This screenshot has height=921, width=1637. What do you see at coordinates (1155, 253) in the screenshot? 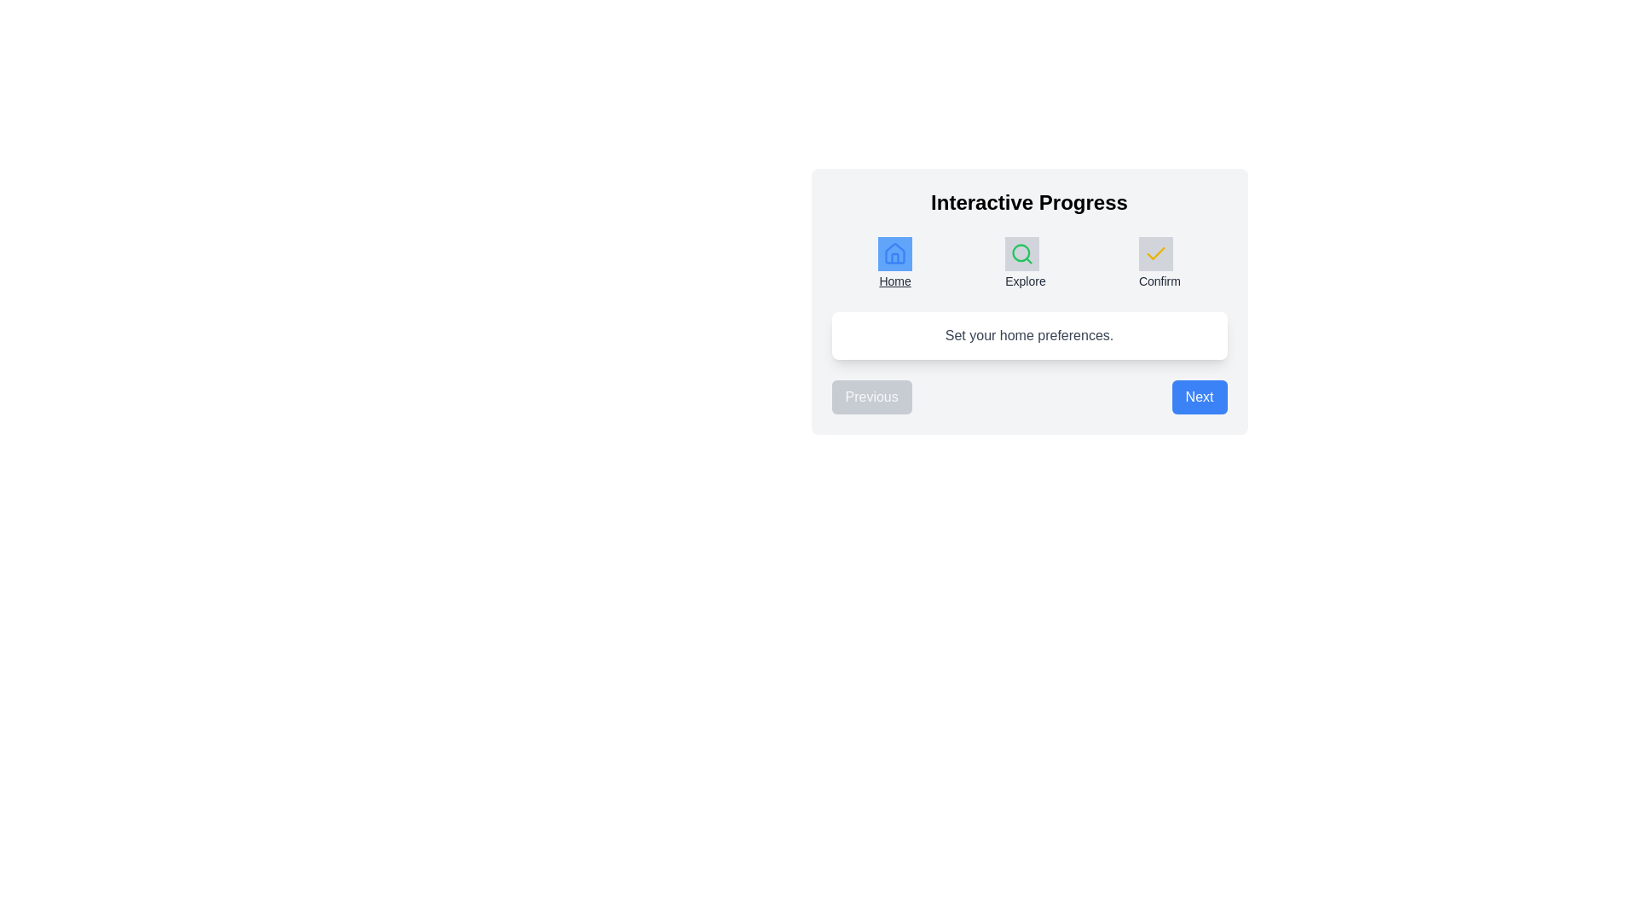
I see `the Confirm icon to inspect its details` at bounding box center [1155, 253].